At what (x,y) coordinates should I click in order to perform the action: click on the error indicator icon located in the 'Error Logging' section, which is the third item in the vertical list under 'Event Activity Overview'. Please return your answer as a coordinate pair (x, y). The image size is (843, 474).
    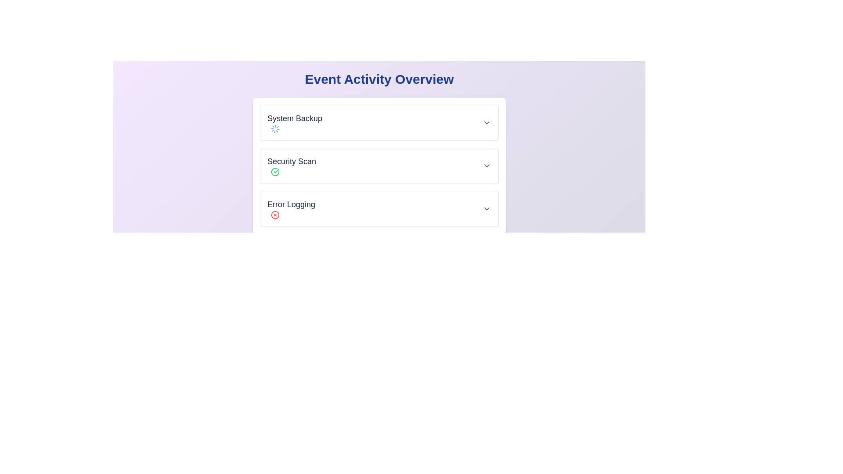
    Looking at the image, I should click on (275, 215).